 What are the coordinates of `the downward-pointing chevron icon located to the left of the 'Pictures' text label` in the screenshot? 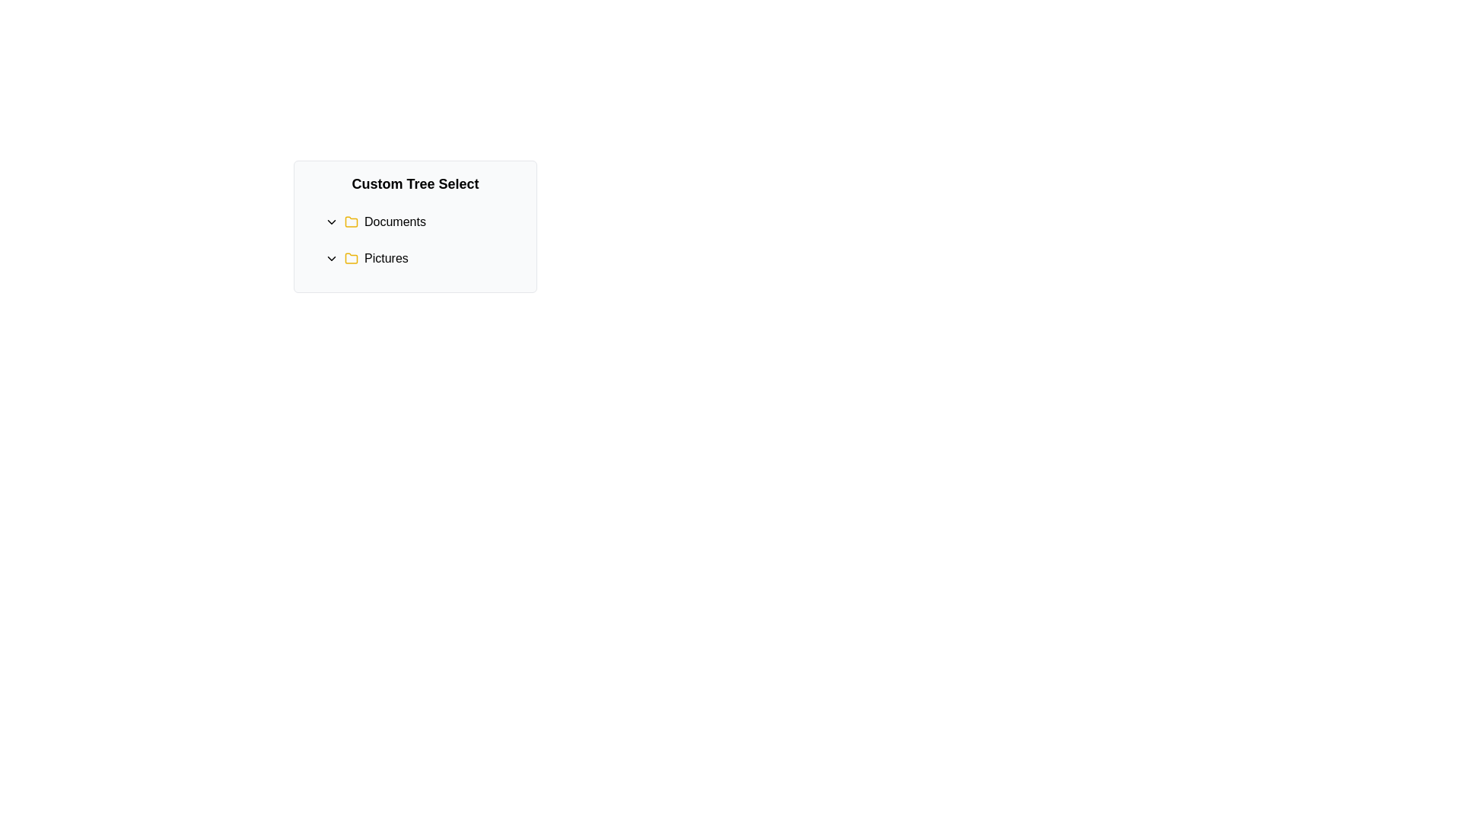 It's located at (331, 257).